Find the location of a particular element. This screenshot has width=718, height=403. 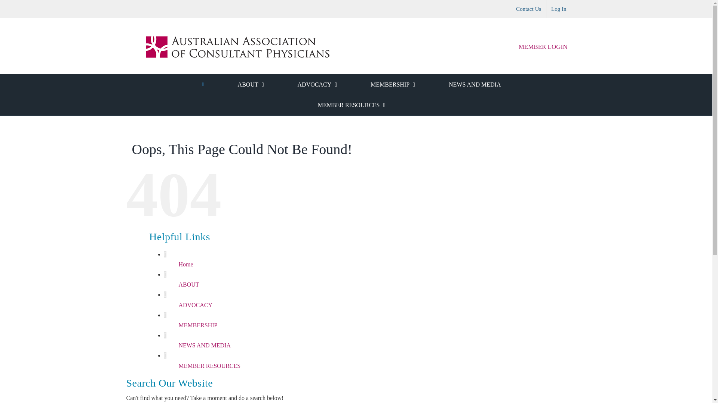

'Log In' is located at coordinates (546, 9).